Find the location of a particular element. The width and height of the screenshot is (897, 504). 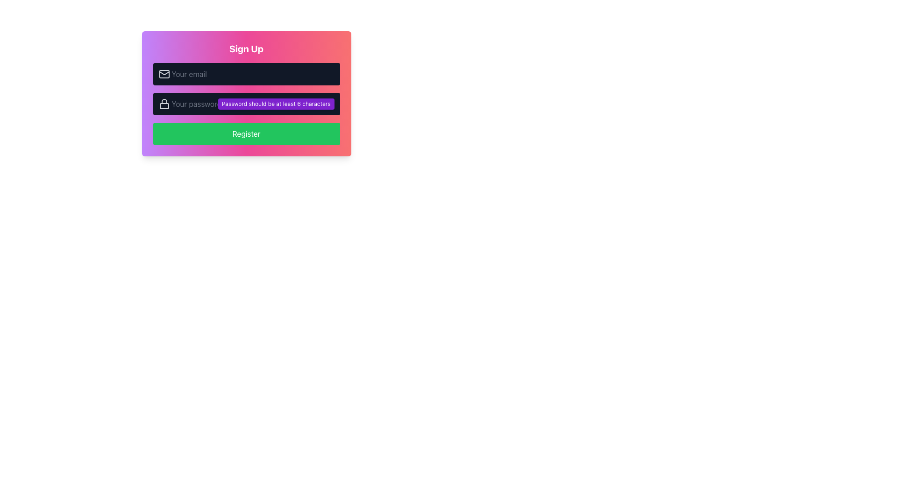

the rectangular 'Register' button with a bright green background is located at coordinates (246, 133).